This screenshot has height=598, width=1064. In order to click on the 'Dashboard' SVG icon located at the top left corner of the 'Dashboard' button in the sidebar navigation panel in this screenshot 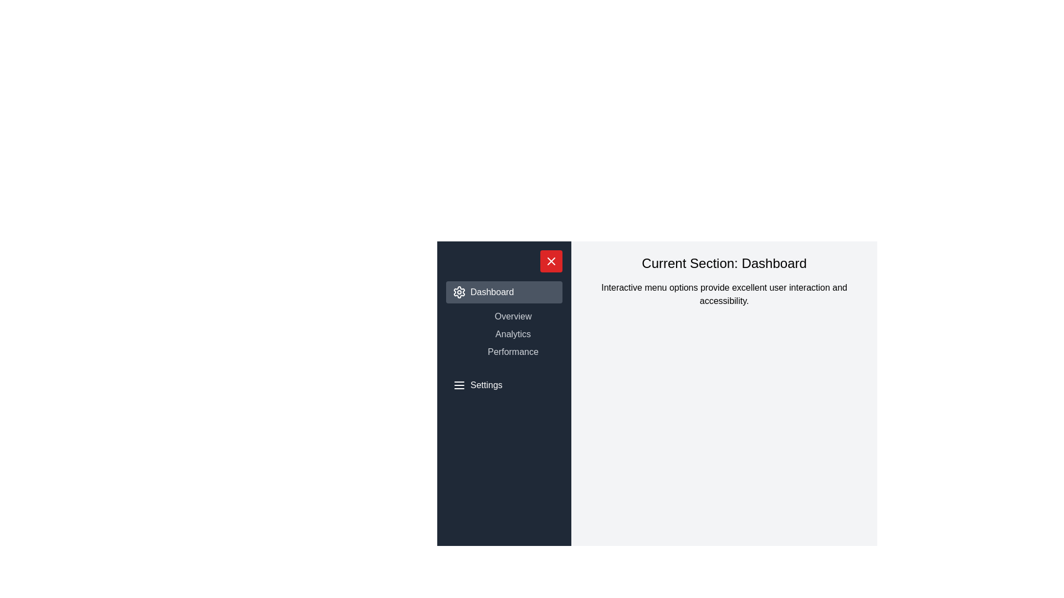, I will do `click(459, 292)`.